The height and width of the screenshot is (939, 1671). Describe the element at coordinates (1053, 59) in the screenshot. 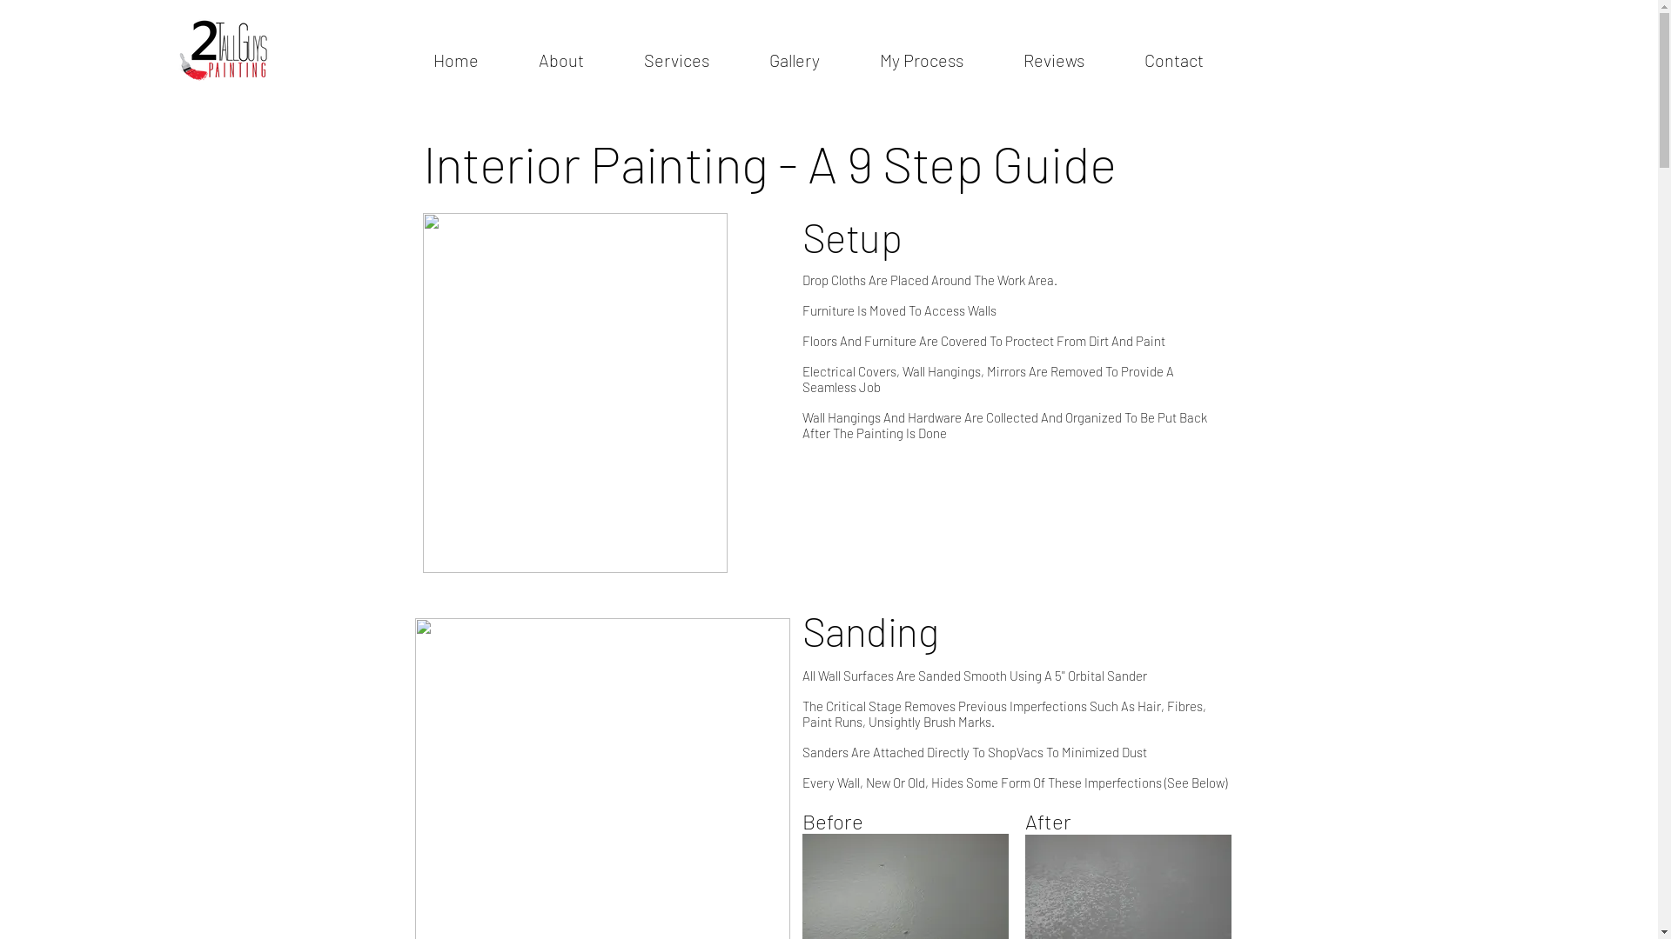

I see `'Reviews'` at that location.